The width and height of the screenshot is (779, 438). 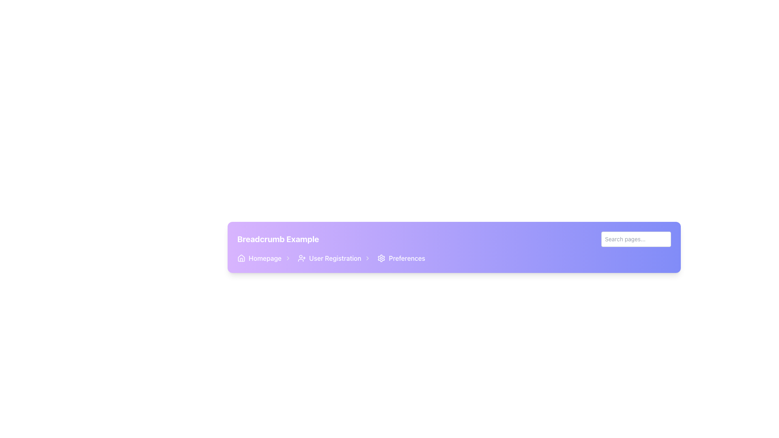 I want to click on the text input field with the placeholder 'Search pages...' to focus on it, so click(x=636, y=239).